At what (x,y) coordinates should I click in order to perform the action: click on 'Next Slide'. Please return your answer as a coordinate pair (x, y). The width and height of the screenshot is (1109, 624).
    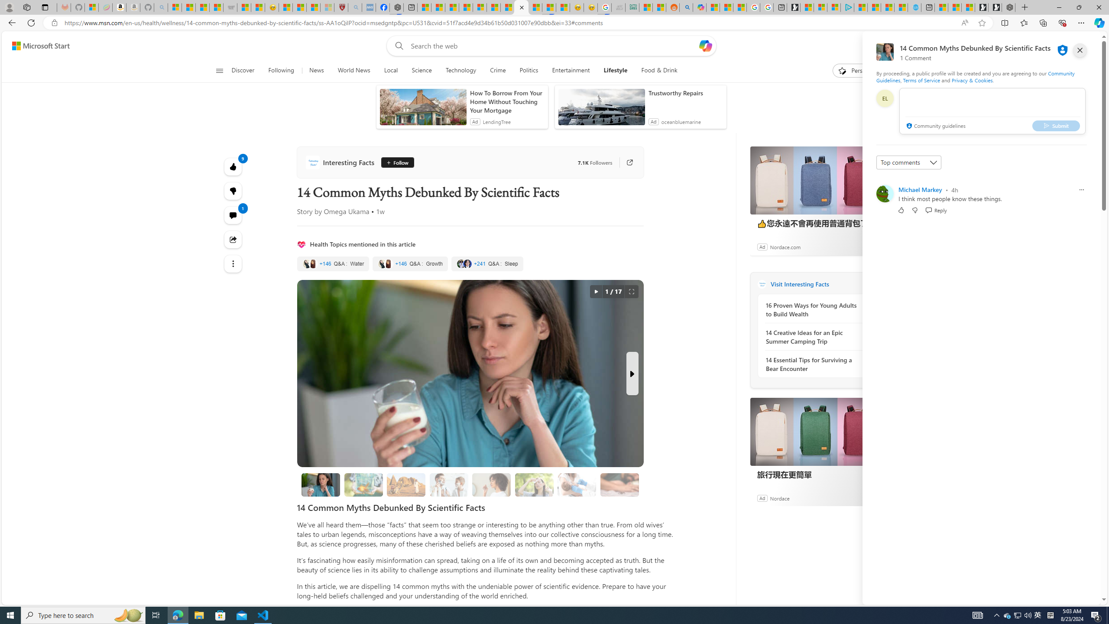
    Looking at the image, I should click on (632, 373).